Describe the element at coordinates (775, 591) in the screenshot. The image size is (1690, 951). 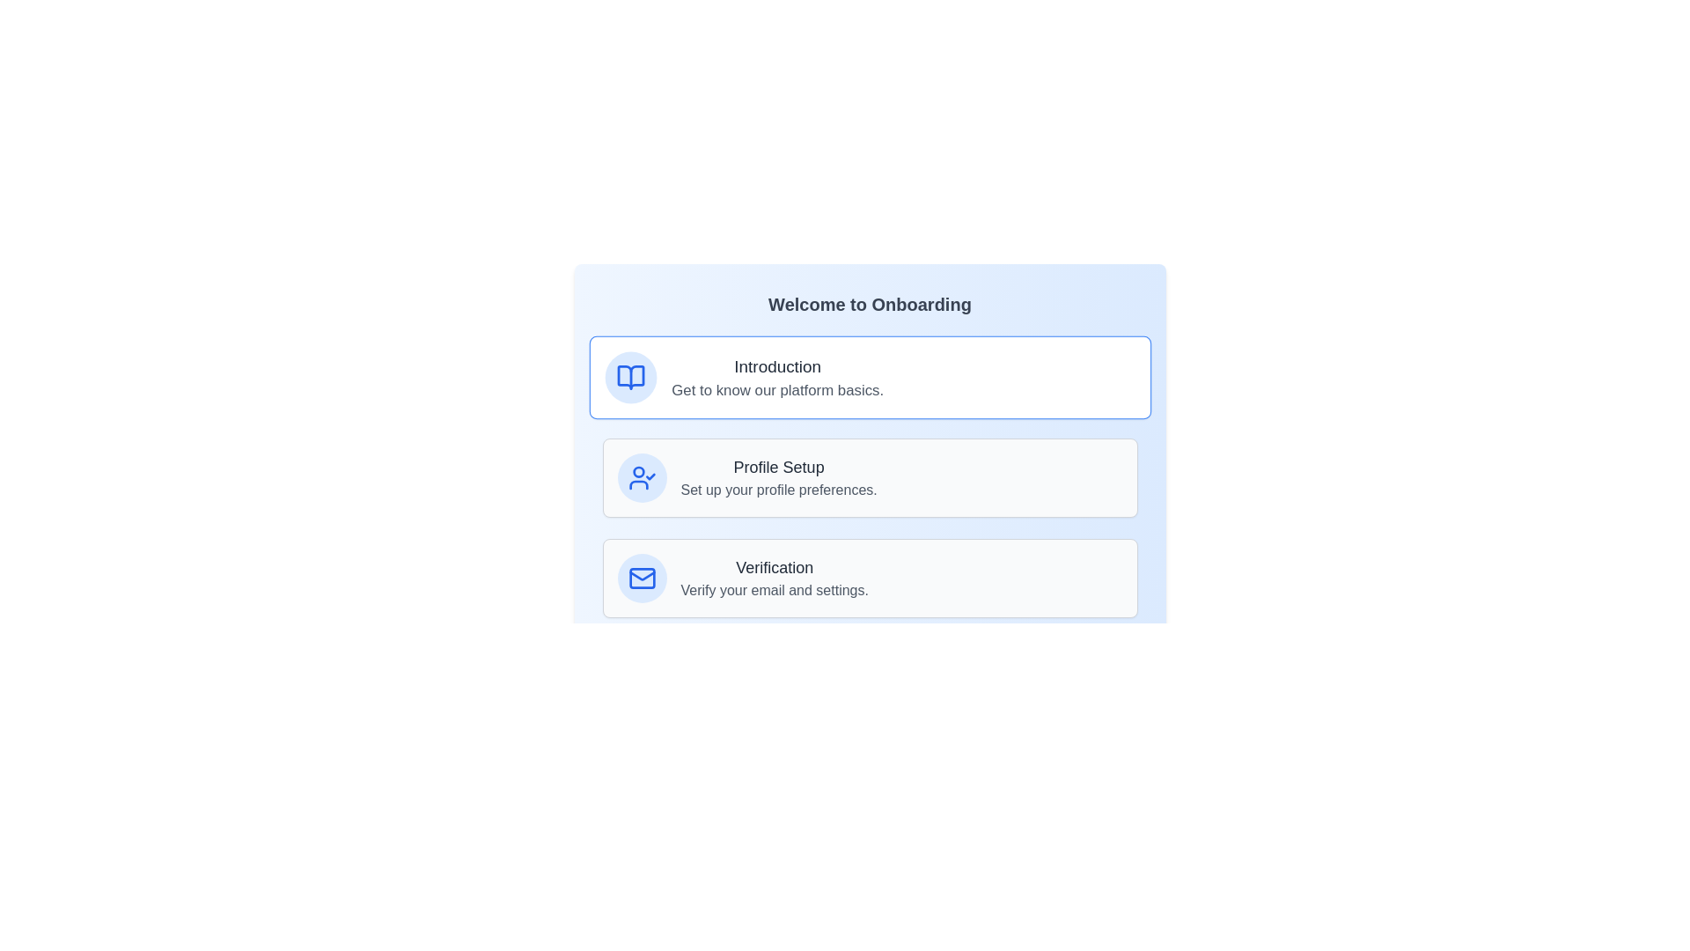
I see `the text label that says 'Verify your email and settings.' which is styled in muted gray and is located under the 'Verification' title in the bottom-most card of the vertically stacked list` at that location.